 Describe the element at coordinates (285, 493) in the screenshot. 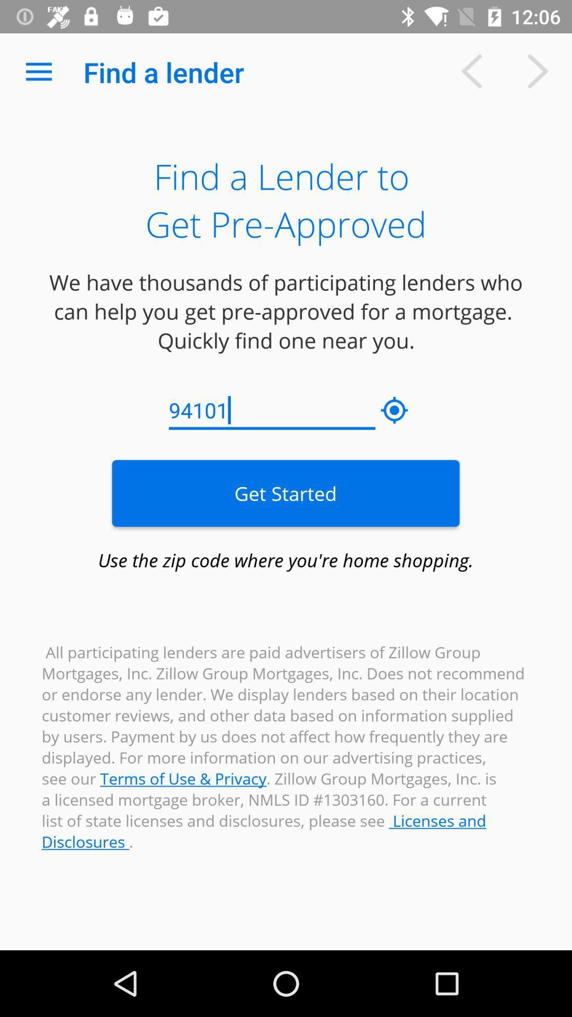

I see `item below the 94101 icon` at that location.